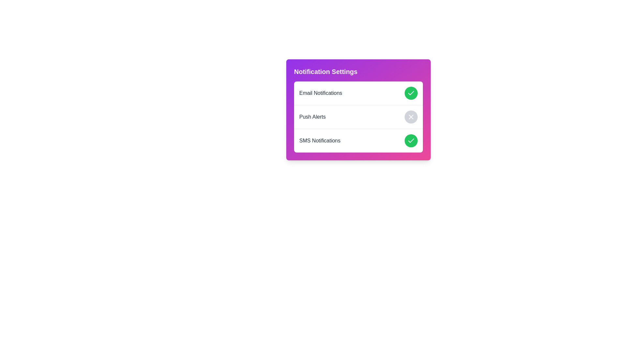 The height and width of the screenshot is (352, 626). I want to click on the Icon Button representing the enabled state of 'Email Notifications', so click(411, 93).